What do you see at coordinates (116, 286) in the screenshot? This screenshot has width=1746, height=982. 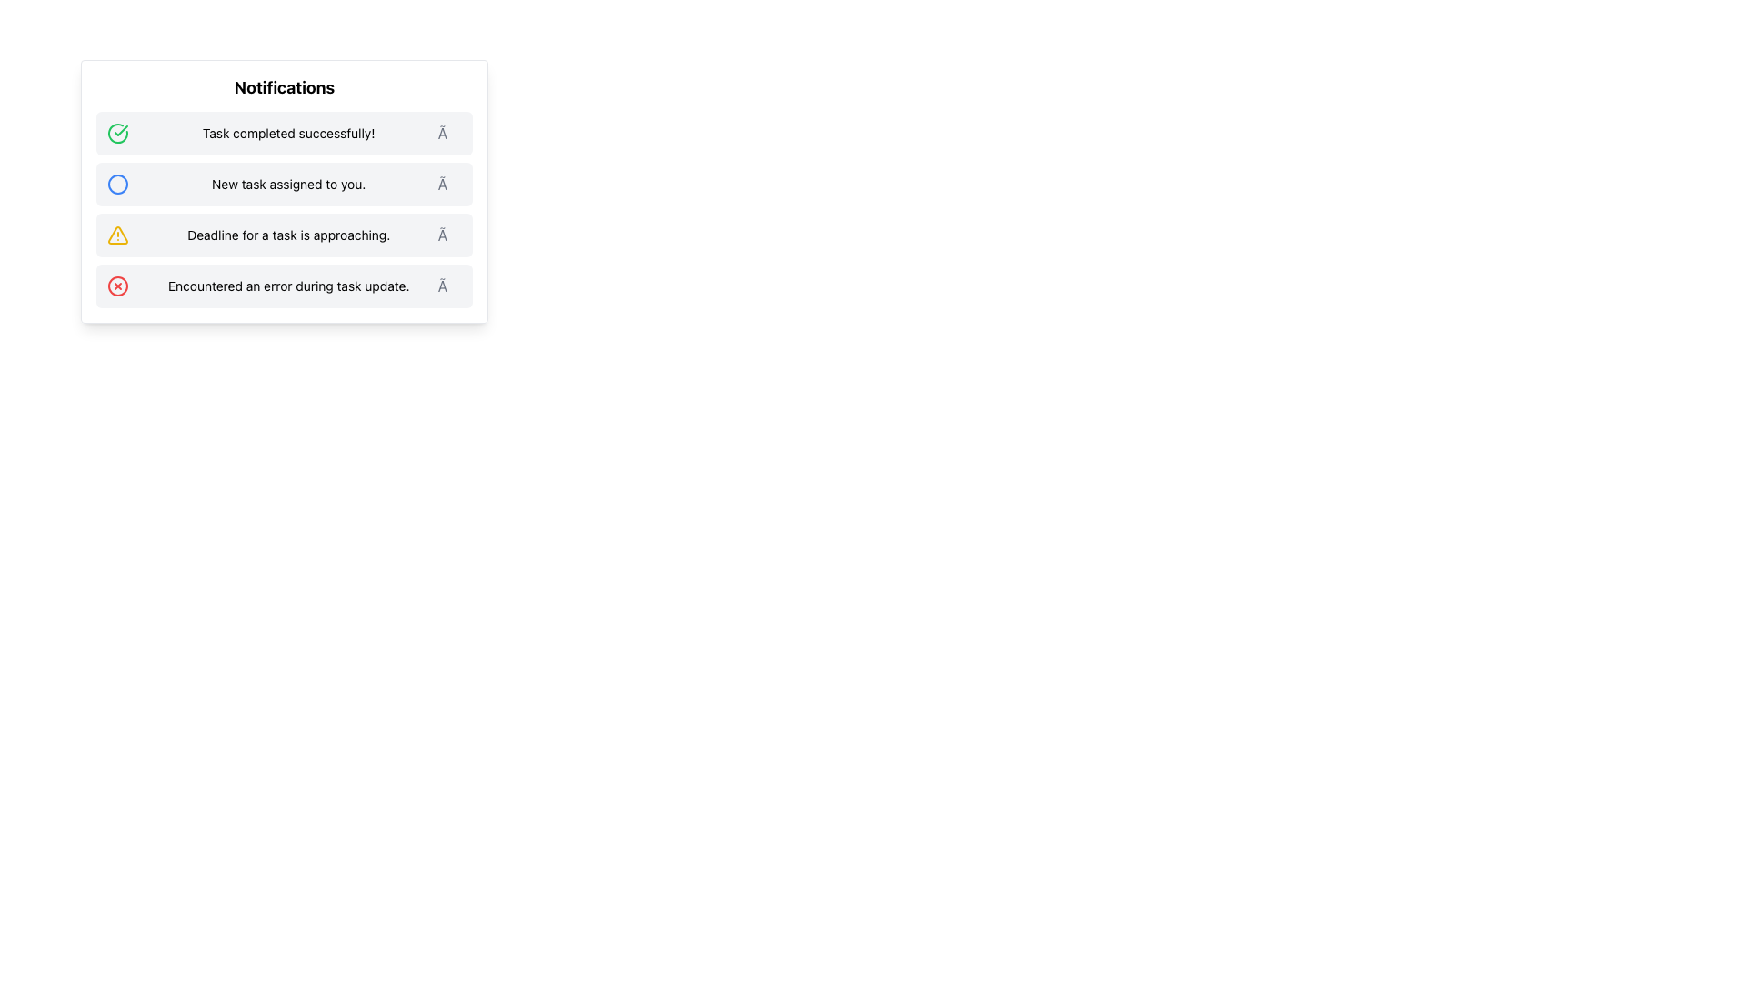 I see `the red circular icon with a white 'X' inside, located in the bottom notification entry of the 'Notifications' section, to gather information about the error encountered during task update` at bounding box center [116, 286].